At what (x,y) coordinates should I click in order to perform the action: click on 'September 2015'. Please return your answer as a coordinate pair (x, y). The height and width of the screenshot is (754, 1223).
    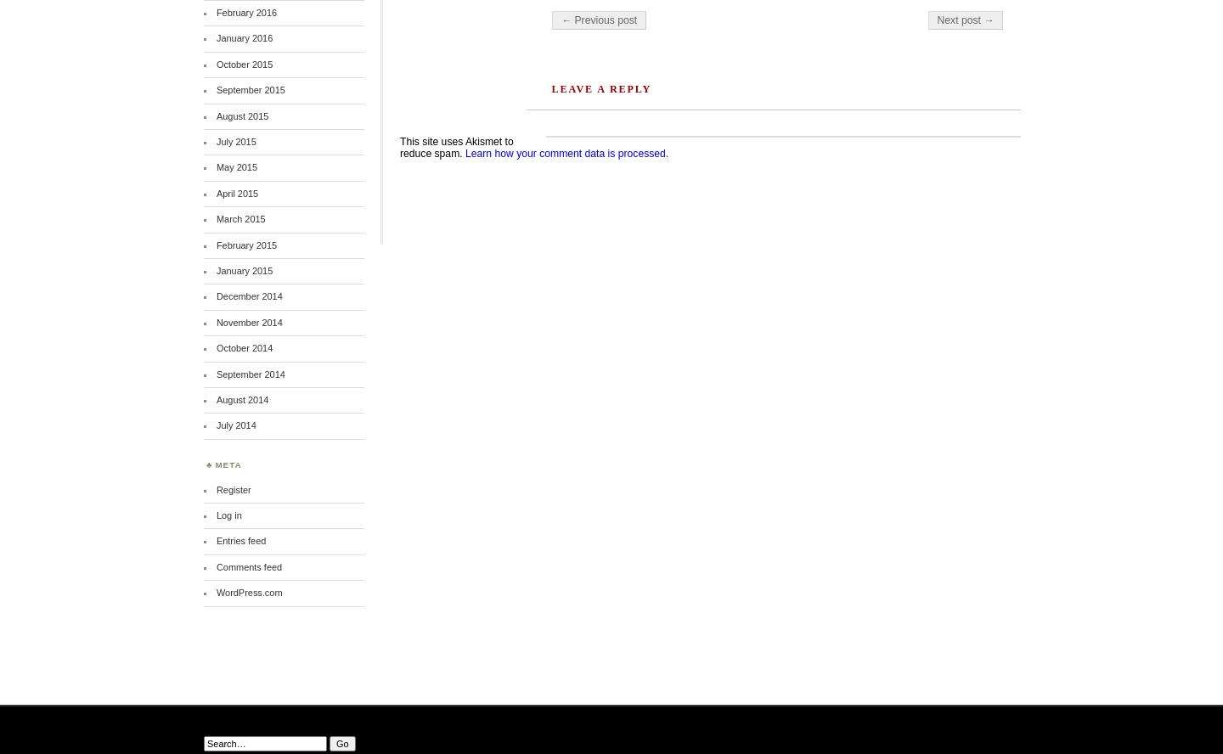
    Looking at the image, I should click on (249, 89).